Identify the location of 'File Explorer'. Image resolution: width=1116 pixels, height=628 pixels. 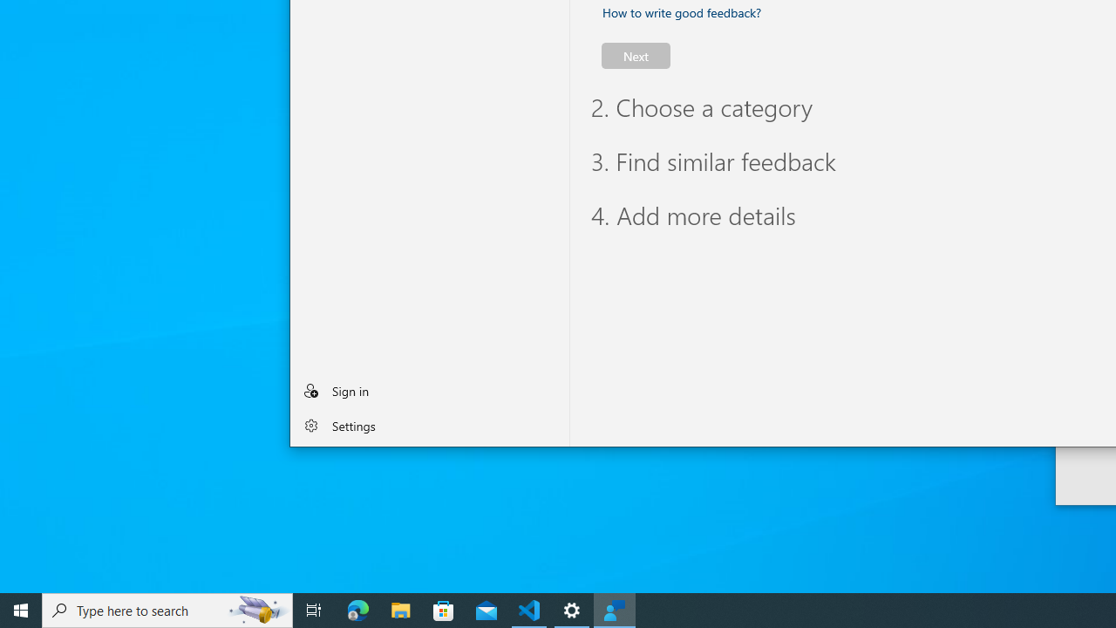
(400, 609).